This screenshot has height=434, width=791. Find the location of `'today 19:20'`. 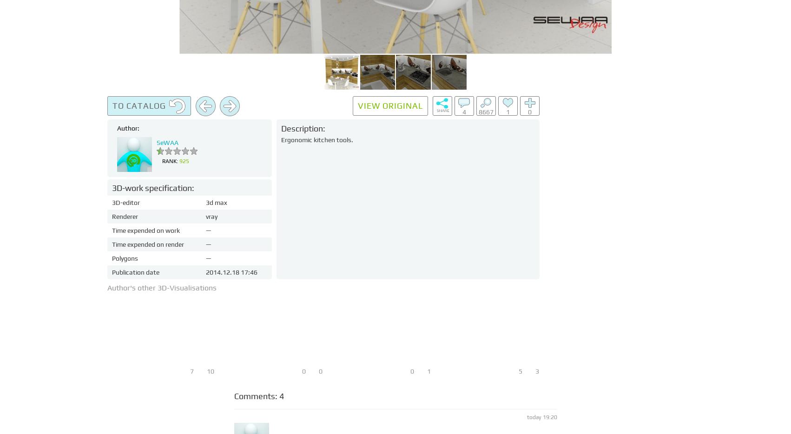

'today 19:20' is located at coordinates (541, 417).